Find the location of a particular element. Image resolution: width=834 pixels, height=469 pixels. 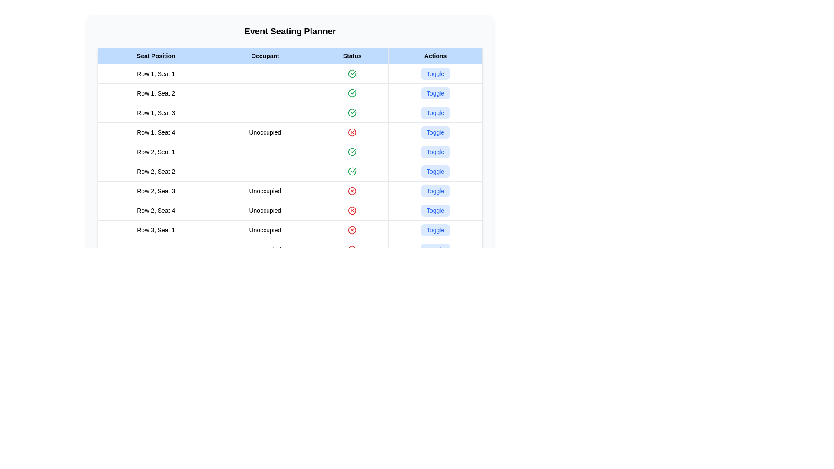

the static text label indicating 'Row 2, Seat 3' in the seating layout, which is the first item in its row under the 'Seat Position' column is located at coordinates (156, 190).